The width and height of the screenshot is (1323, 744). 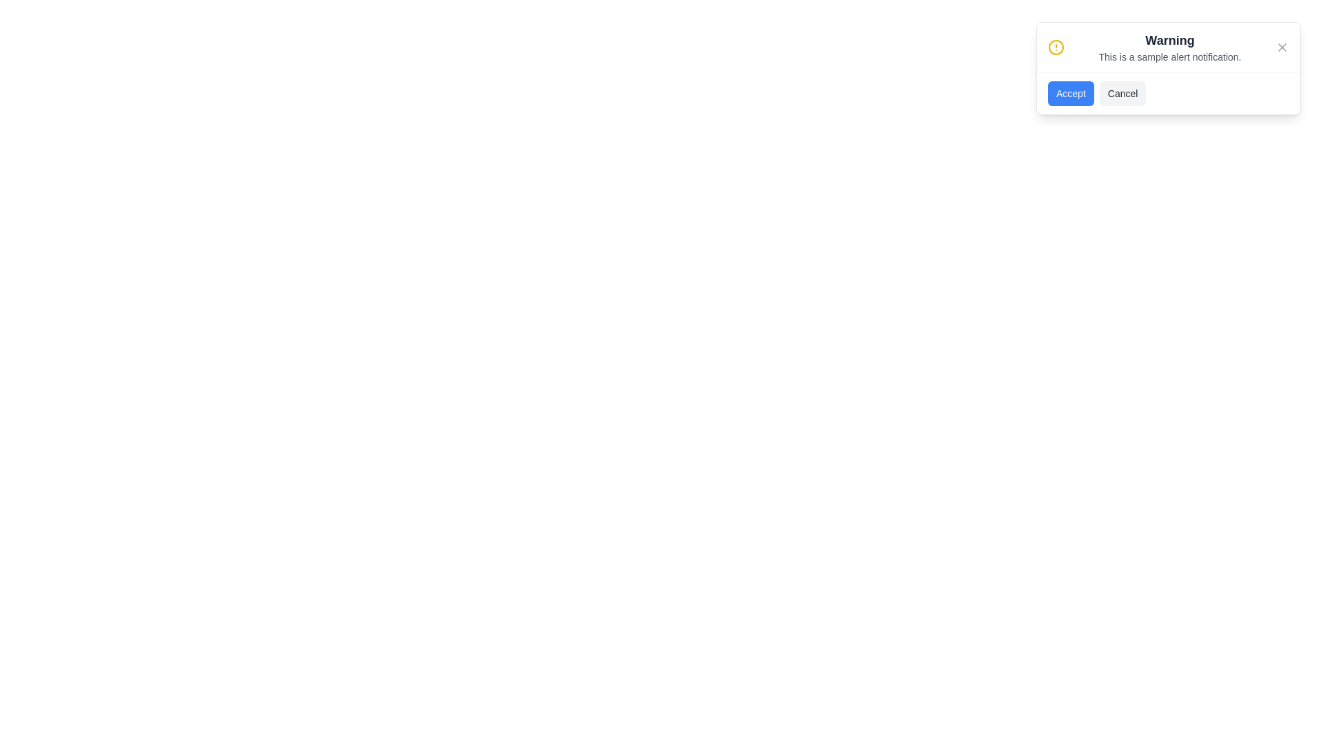 I want to click on text displayed in the alert notification that says 'This is a sample alert notification.' which is located below the 'Warning' title, so click(x=1169, y=56).